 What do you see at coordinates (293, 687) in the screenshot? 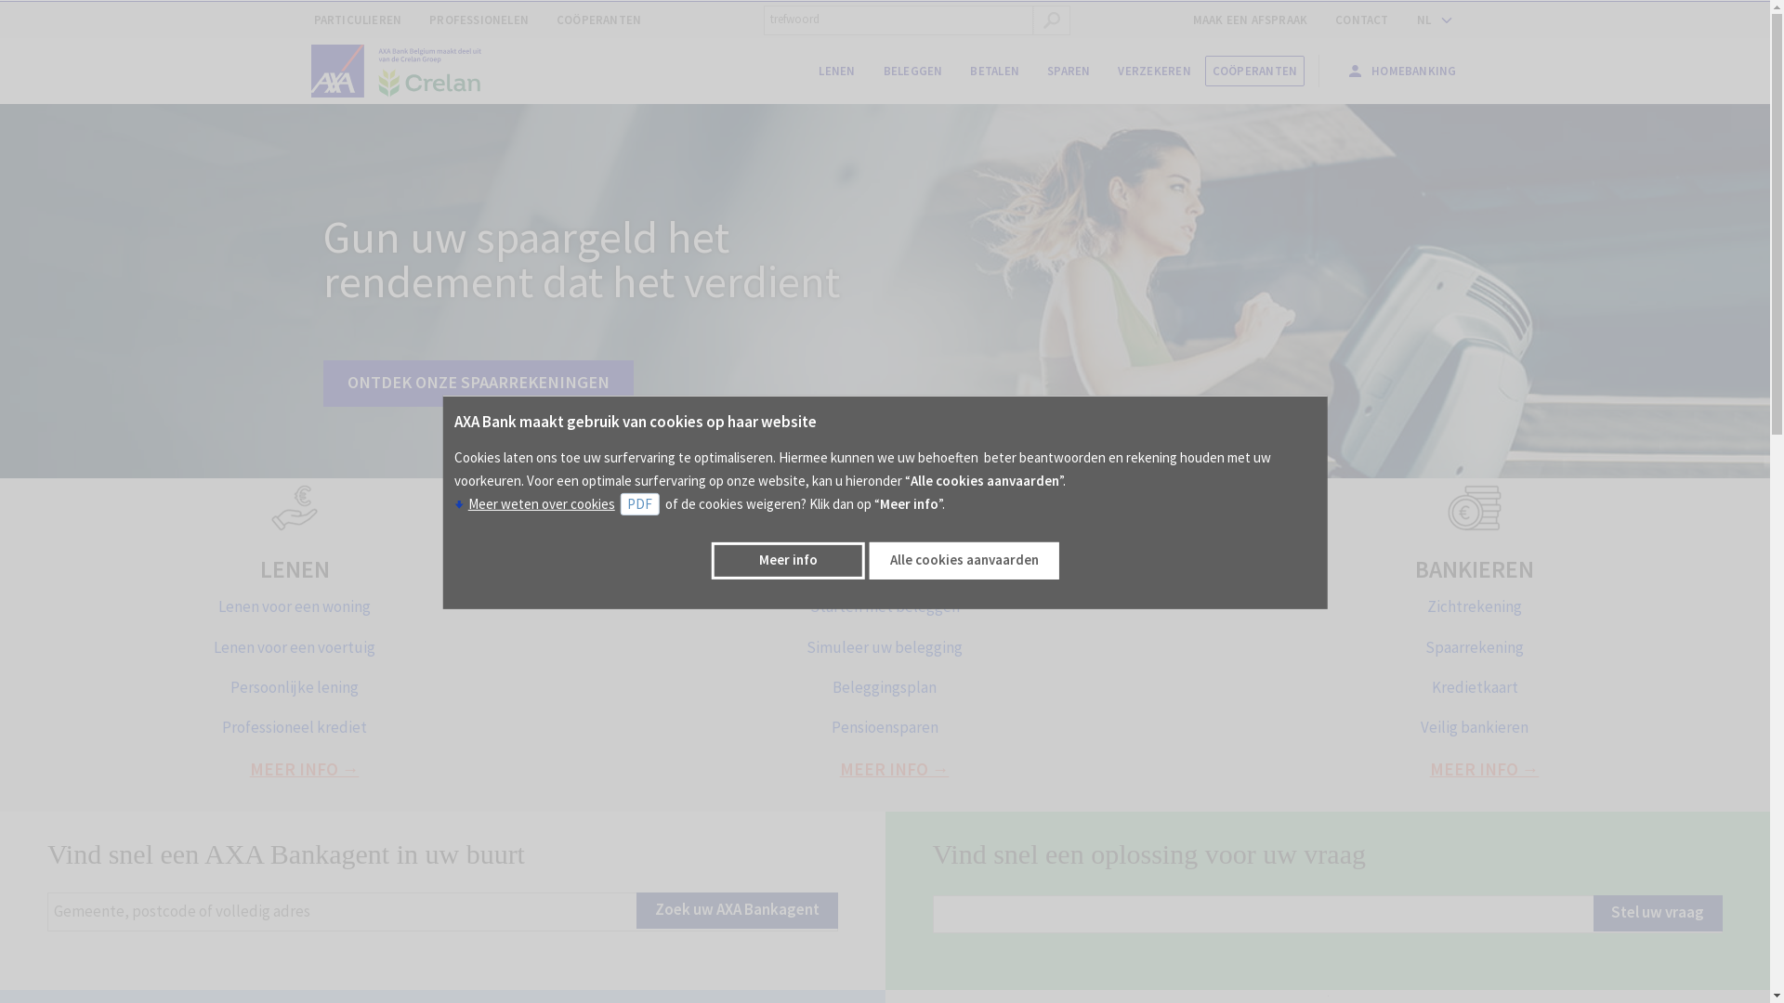
I see `'Persoonlijke lening'` at bounding box center [293, 687].